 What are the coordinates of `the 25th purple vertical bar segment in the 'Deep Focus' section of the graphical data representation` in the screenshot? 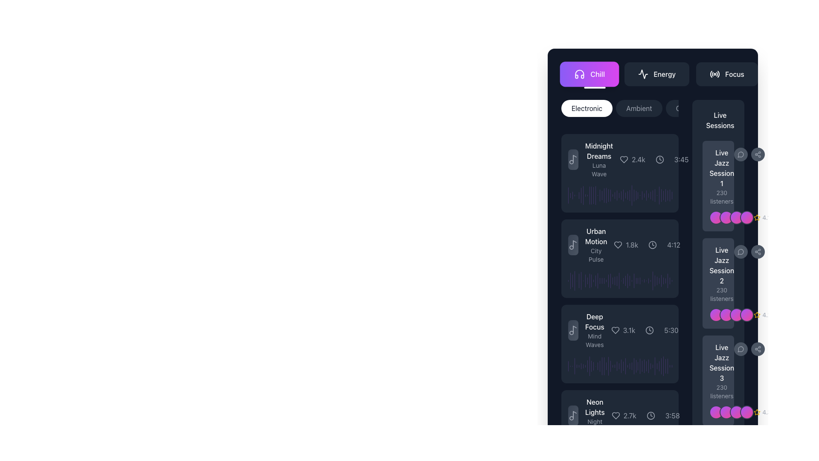 It's located at (617, 365).